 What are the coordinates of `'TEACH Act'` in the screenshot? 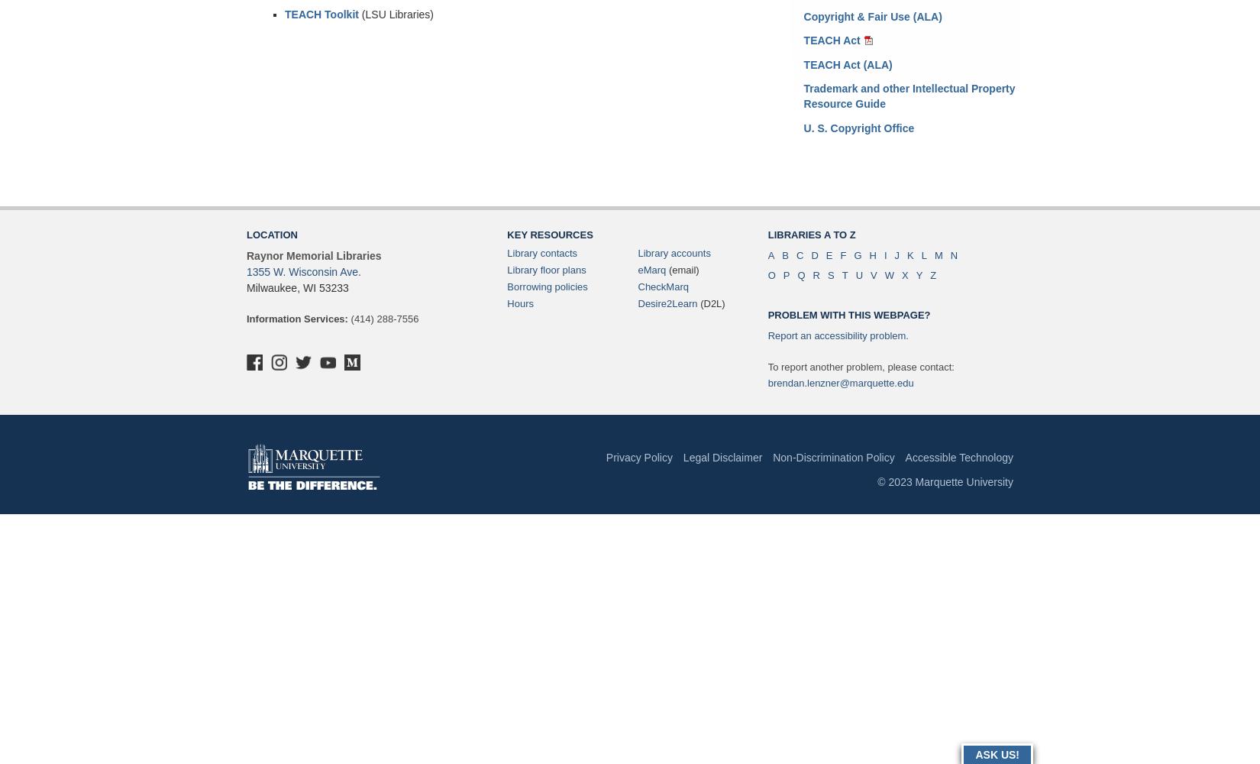 It's located at (832, 40).